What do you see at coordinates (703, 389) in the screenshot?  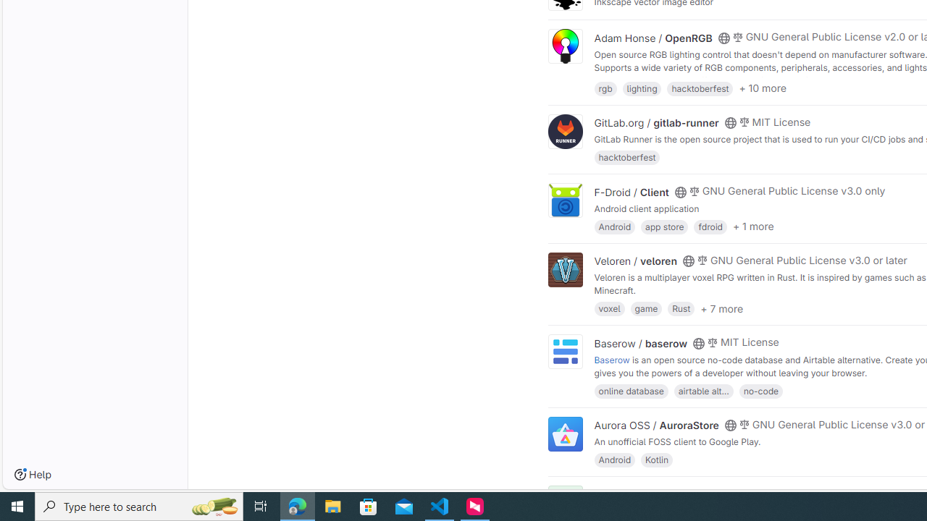 I see `'airtable alt...'` at bounding box center [703, 389].